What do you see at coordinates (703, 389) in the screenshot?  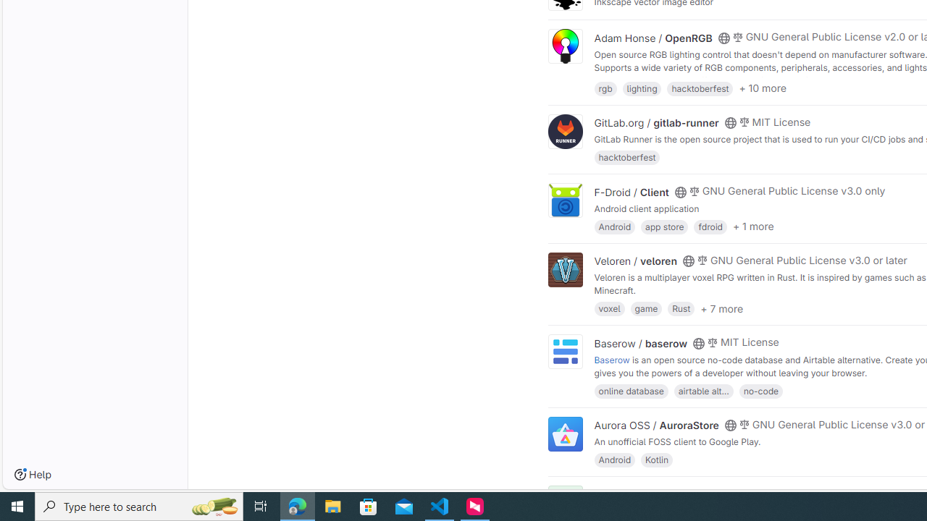 I see `'airtable alt...'` at bounding box center [703, 389].